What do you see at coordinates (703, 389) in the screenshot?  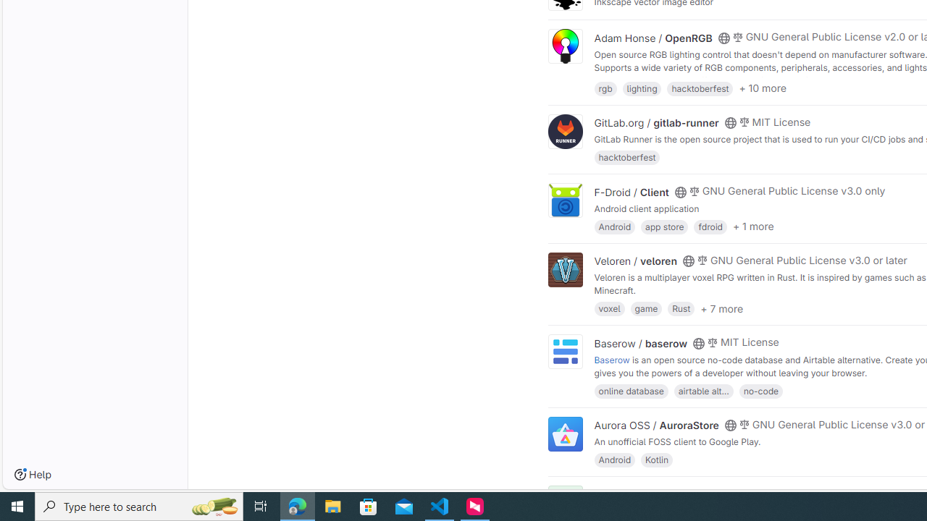 I see `'airtable alt...'` at bounding box center [703, 389].